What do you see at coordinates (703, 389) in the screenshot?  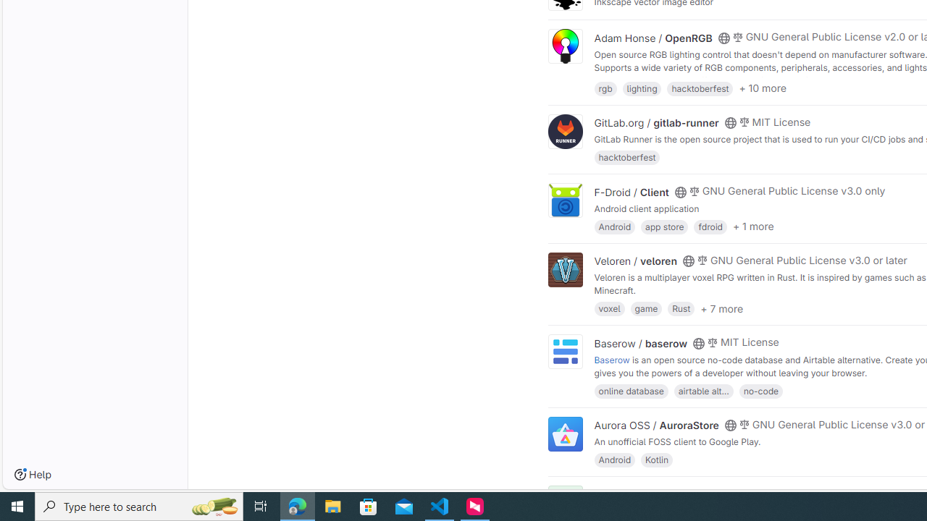 I see `'airtable alt...'` at bounding box center [703, 389].